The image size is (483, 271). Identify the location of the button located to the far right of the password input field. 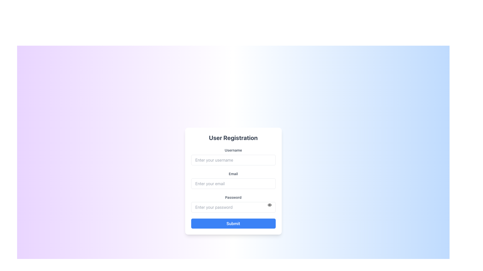
(269, 205).